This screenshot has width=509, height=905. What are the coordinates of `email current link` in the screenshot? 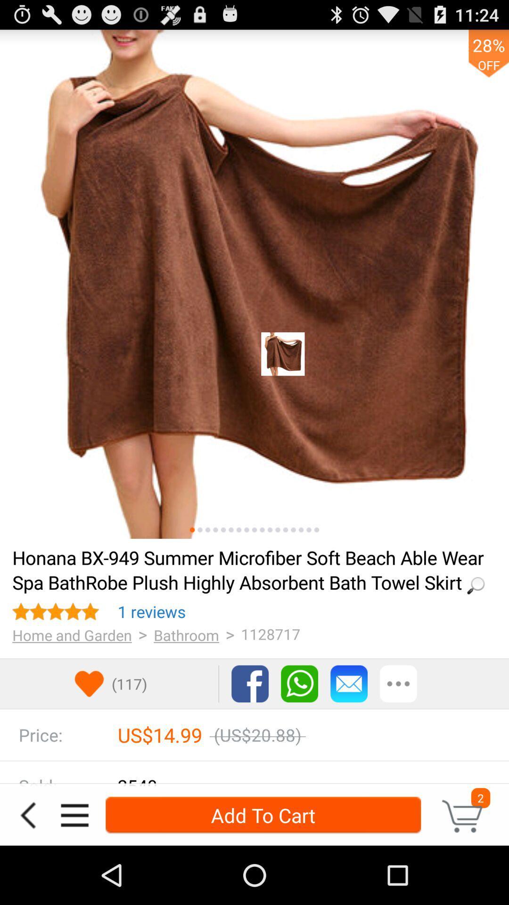 It's located at (349, 683).